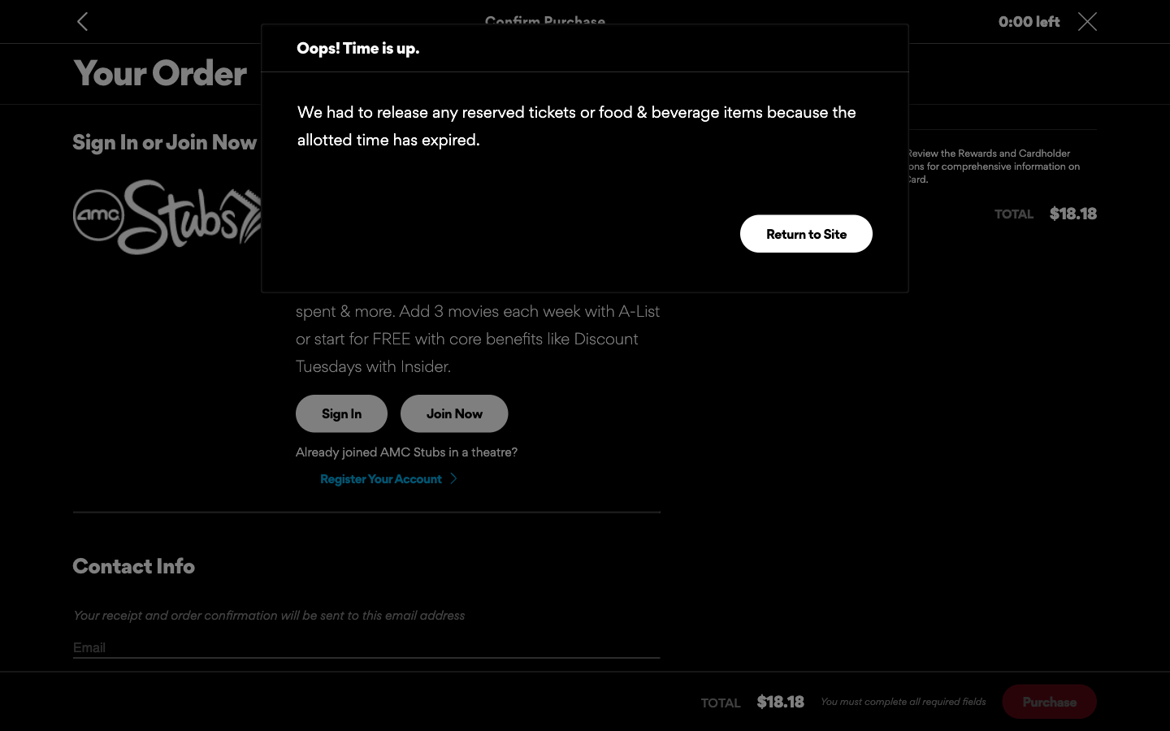  What do you see at coordinates (340, 413) in the screenshot?
I see `Attempt to log into the website` at bounding box center [340, 413].